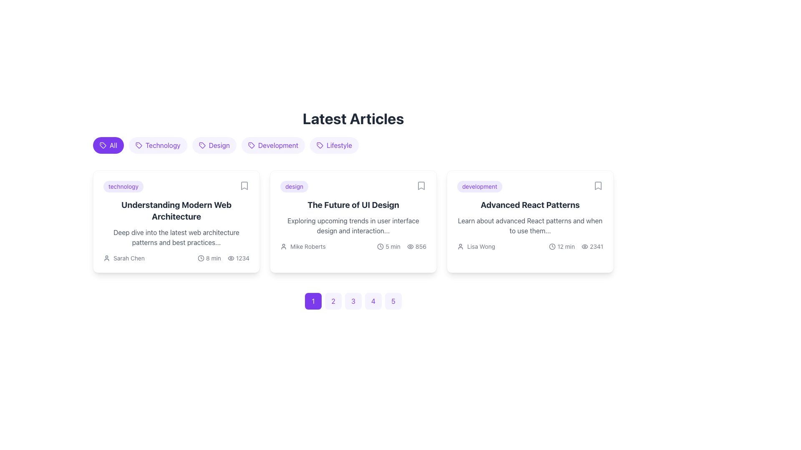 The width and height of the screenshot is (801, 450). What do you see at coordinates (139, 145) in the screenshot?
I see `the Vector graphical icon representing a tag, located inside the 'All' tag button in the category filter section near the top of the interface` at bounding box center [139, 145].